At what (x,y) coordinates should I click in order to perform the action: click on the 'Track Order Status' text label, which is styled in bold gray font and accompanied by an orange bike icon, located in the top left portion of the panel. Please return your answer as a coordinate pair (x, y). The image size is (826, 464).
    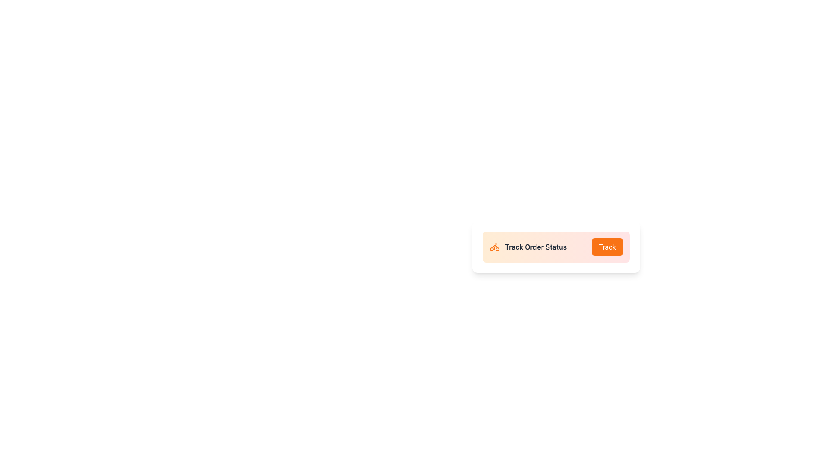
    Looking at the image, I should click on (527, 247).